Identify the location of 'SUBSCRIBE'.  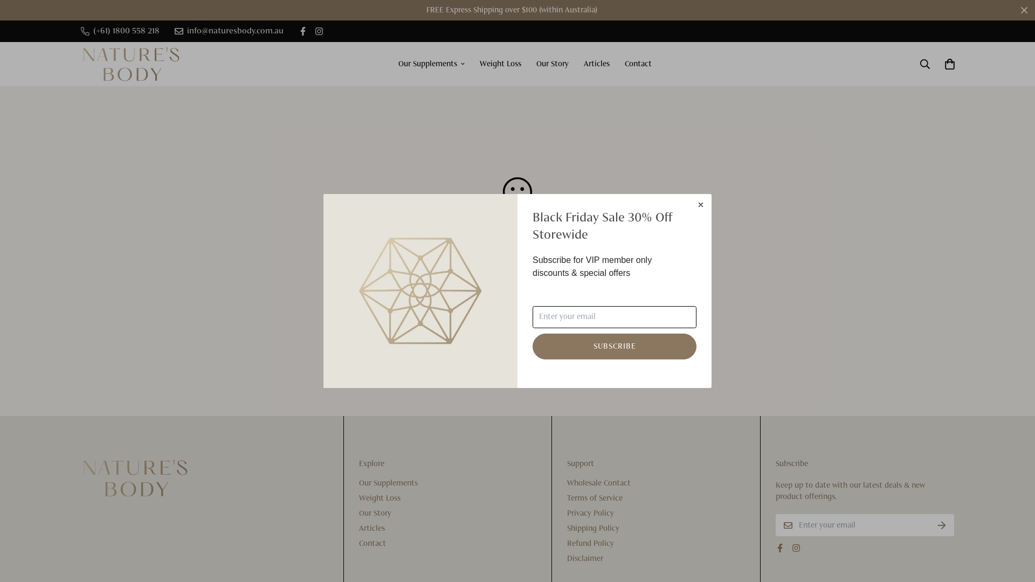
(615, 347).